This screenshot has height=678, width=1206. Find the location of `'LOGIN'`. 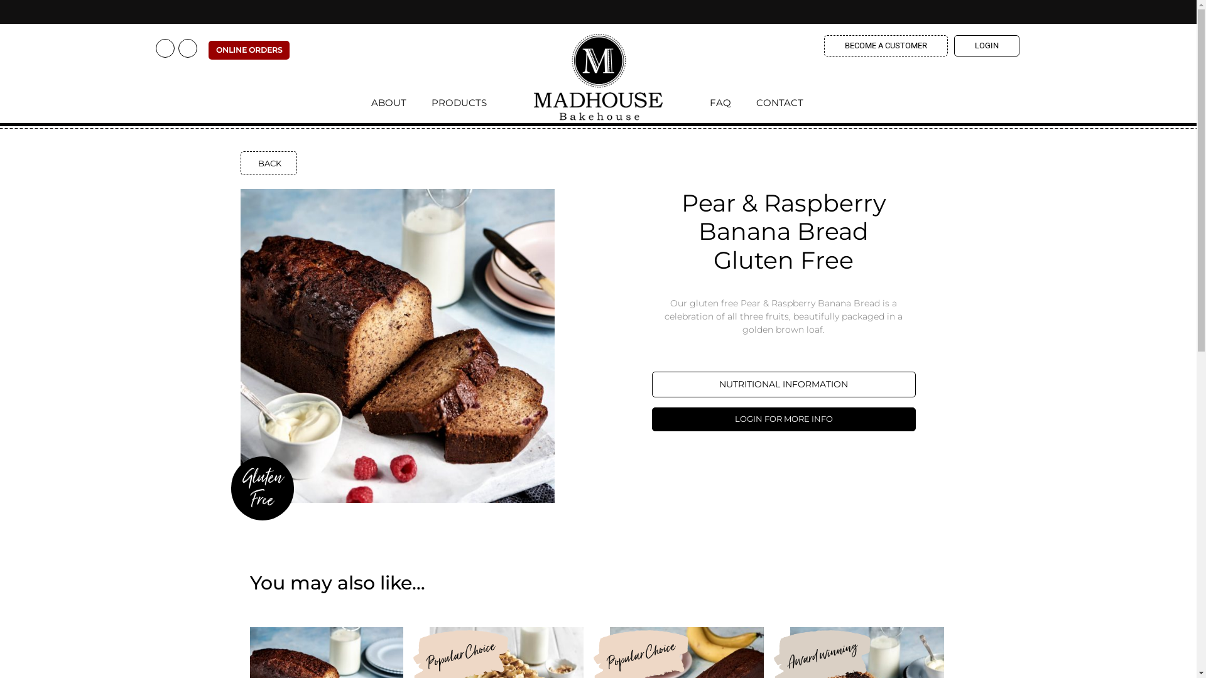

'LOGIN' is located at coordinates (985, 45).